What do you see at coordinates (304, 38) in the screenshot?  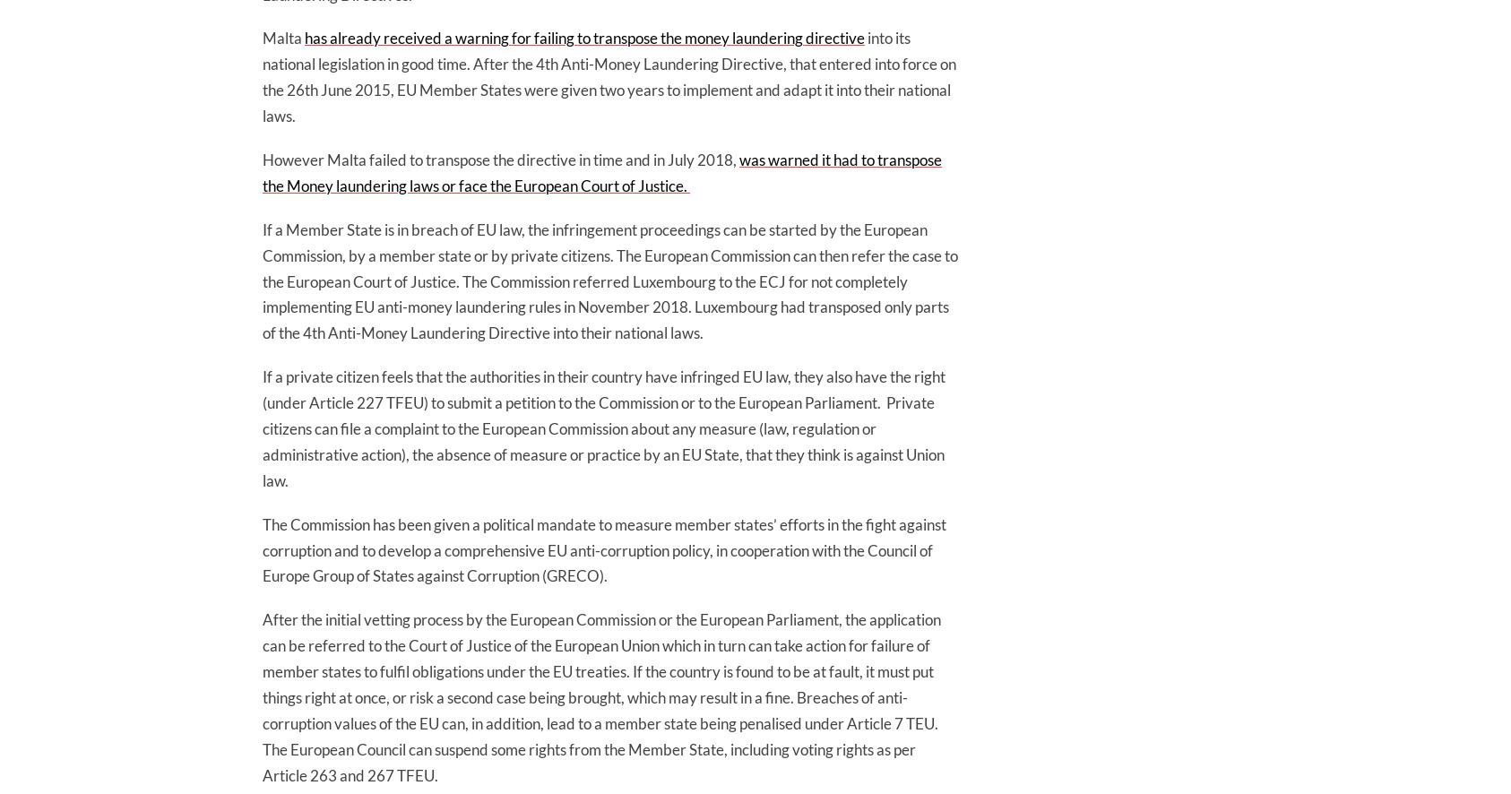 I see `'has already received a warning for failing to transpose the money laundering directive'` at bounding box center [304, 38].